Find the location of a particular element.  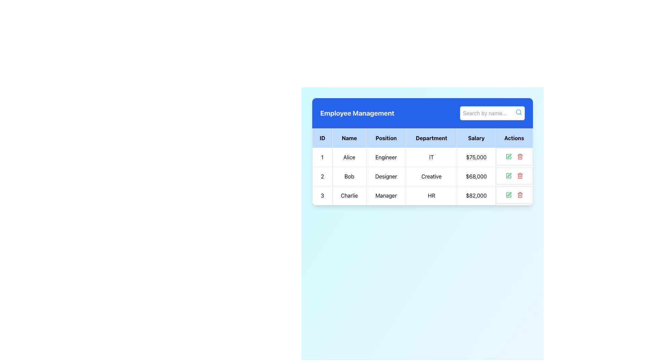

the text label that represents the identification number of the second row in the tabular structure, located in the leftmost position under the 'ID' column is located at coordinates (322, 176).